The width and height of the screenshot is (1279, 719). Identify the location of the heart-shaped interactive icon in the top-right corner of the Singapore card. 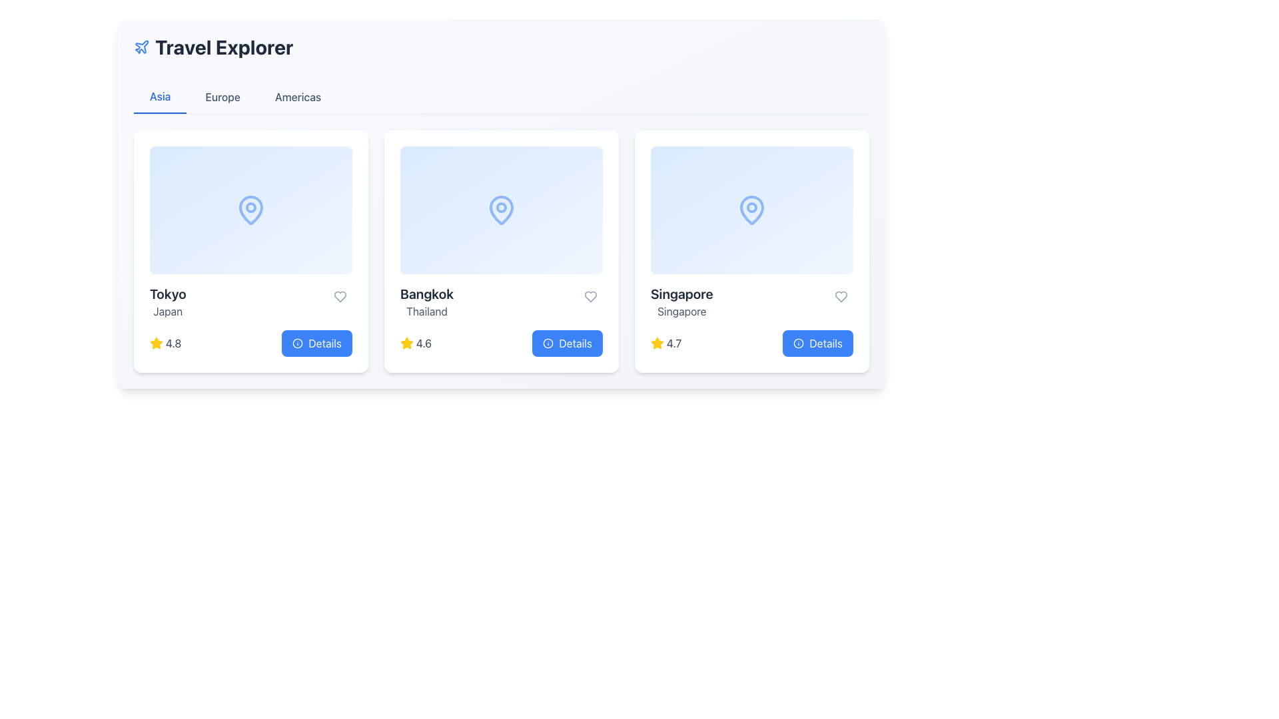
(840, 296).